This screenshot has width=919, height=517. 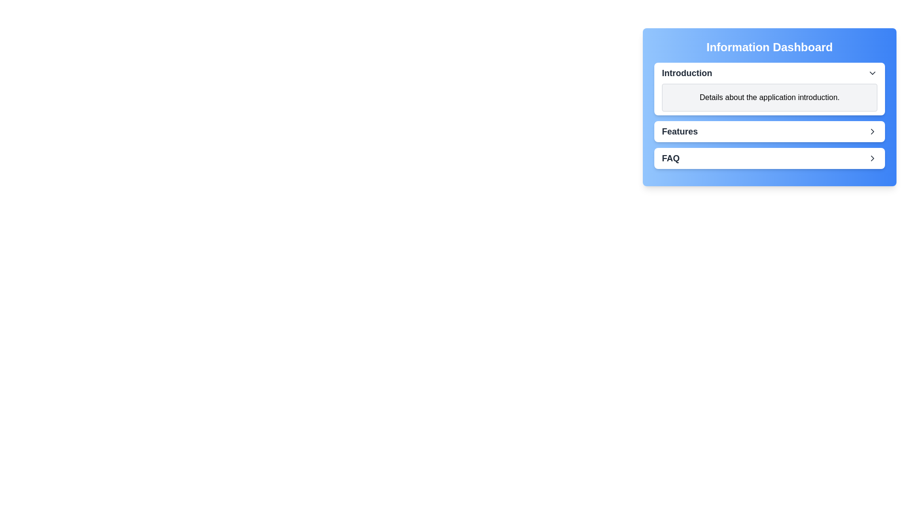 What do you see at coordinates (670, 158) in the screenshot?
I see `the text label containing the word 'FAQ' in bold, black font, which is positioned within the blue card of the Information Dashboard` at bounding box center [670, 158].